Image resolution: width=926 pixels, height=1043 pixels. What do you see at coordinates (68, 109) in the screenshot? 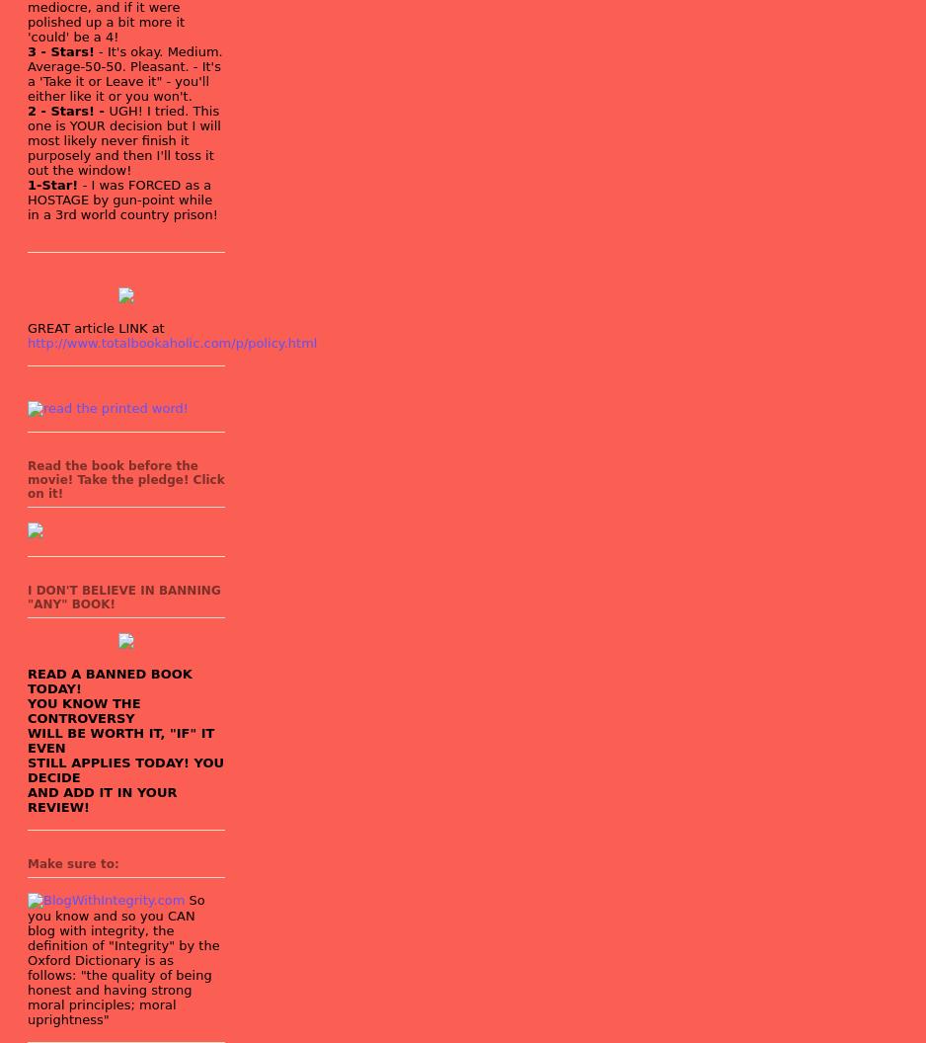
I see `'2 - Stars! -'` at bounding box center [68, 109].